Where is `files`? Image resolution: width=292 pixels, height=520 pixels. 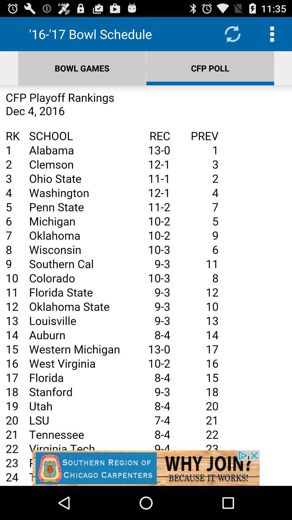
files is located at coordinates (146, 285).